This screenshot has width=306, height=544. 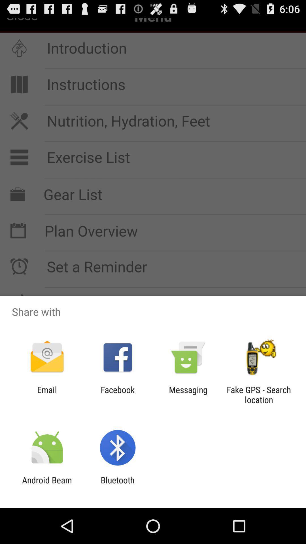 What do you see at coordinates (47, 394) in the screenshot?
I see `icon to the left of the facebook item` at bounding box center [47, 394].